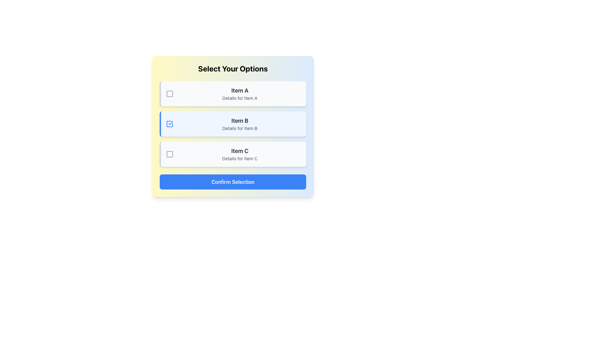 This screenshot has height=340, width=606. What do you see at coordinates (239, 154) in the screenshot?
I see `the 'Item C' card` at bounding box center [239, 154].